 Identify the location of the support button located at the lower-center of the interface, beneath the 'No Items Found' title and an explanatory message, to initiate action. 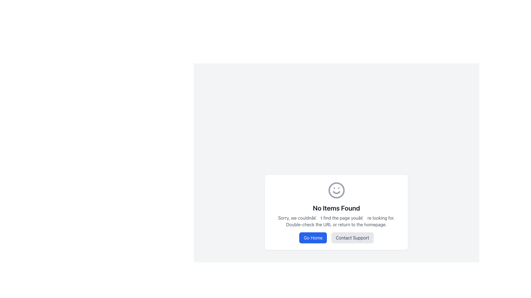
(336, 237).